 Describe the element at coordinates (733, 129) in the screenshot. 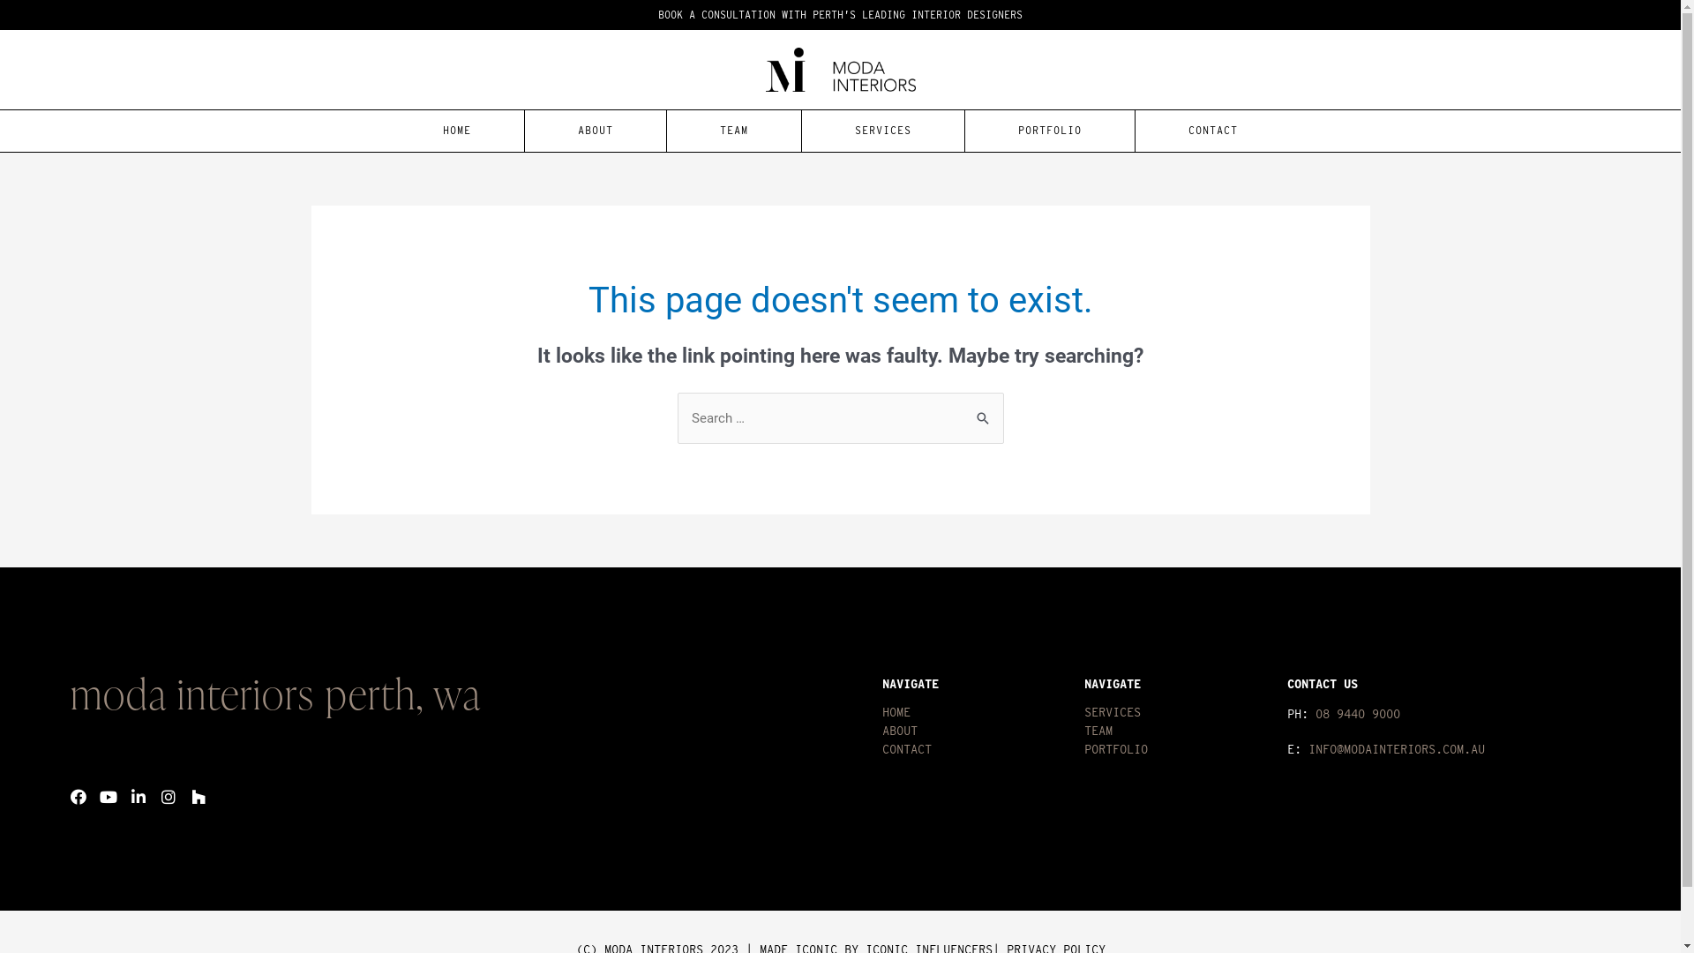

I see `'TEAM'` at that location.